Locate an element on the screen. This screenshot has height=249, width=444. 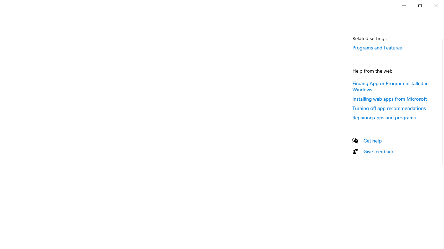
'Minimize Settings' is located at coordinates (404, 5).